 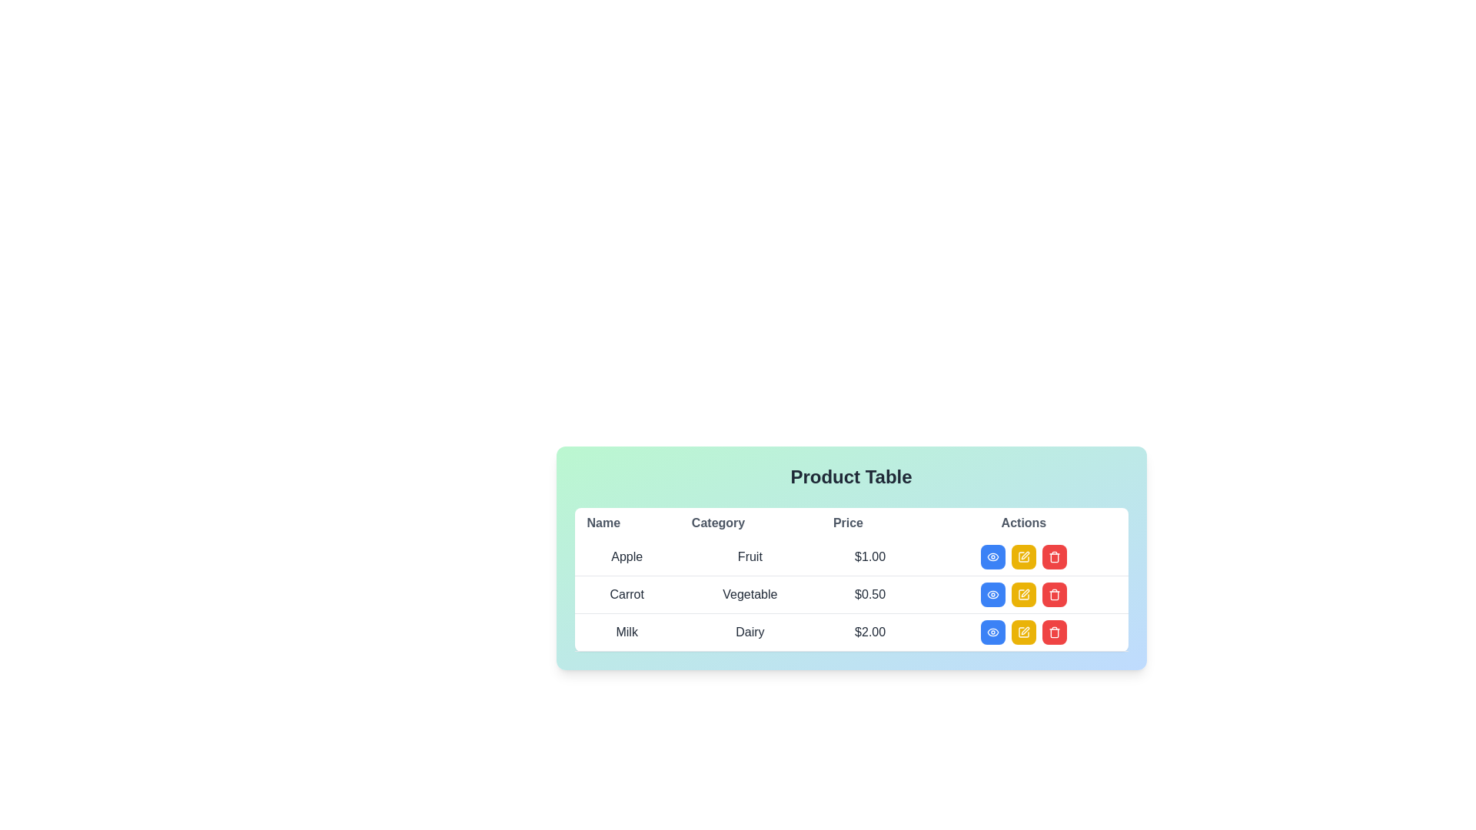 I want to click on the trashcan icon button with a red circular background located in the rightmost column of the 'Actions' table for the 'Milk' entry, so click(x=1053, y=594).